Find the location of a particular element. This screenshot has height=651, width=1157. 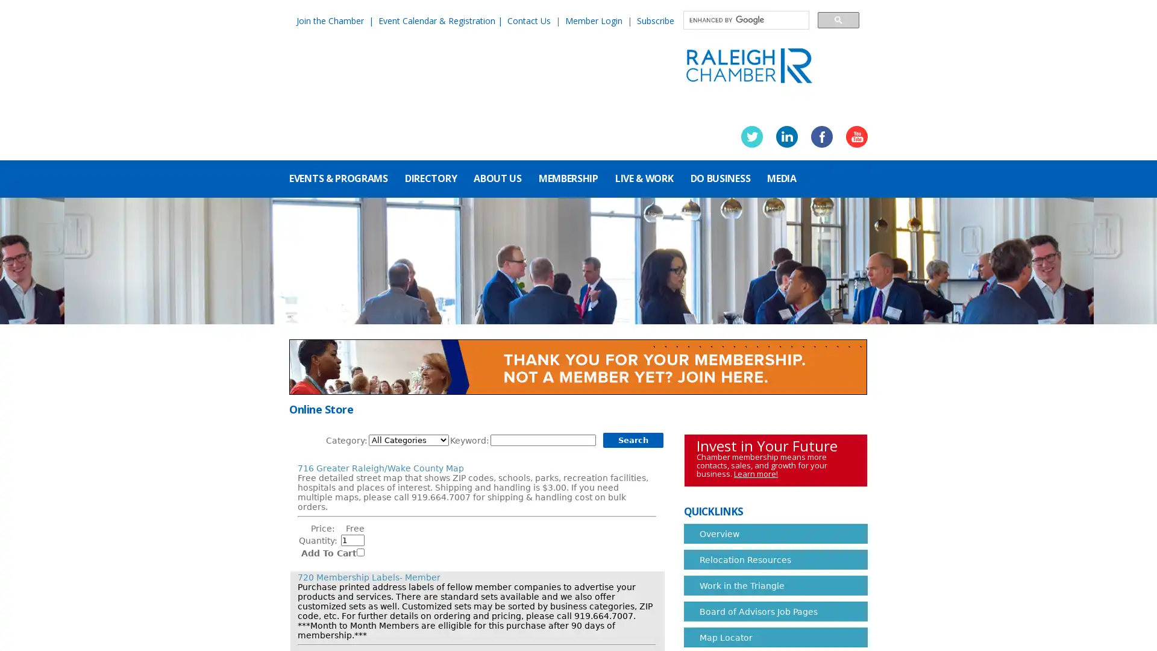

Search is located at coordinates (633, 440).